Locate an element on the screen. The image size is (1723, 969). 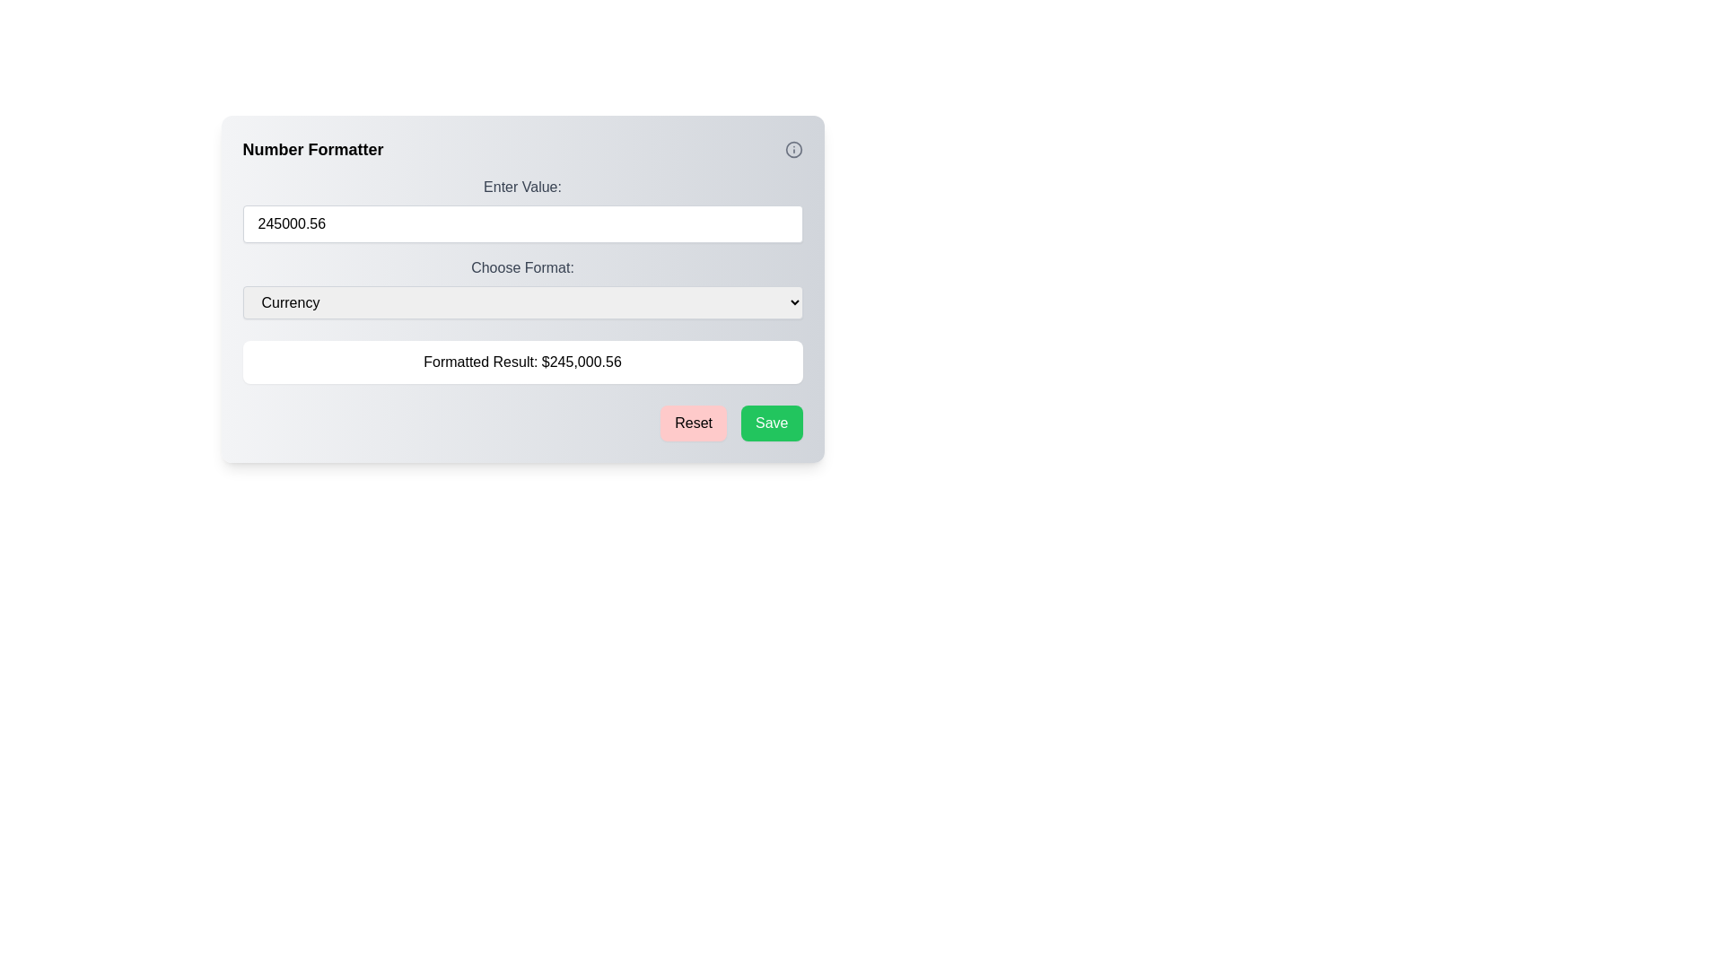
the text input field for numerical value input located beneath the 'Number Formatter' heading and above 'Choose Format:' to indicate interactivity is located at coordinates (521, 209).